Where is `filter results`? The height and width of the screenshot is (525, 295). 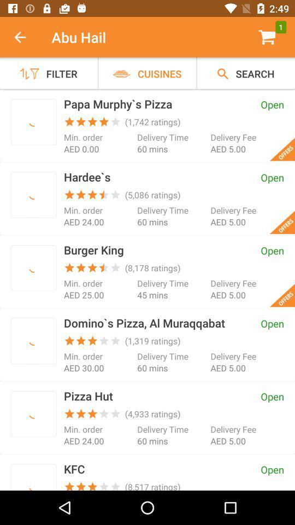 filter results is located at coordinates (33, 413).